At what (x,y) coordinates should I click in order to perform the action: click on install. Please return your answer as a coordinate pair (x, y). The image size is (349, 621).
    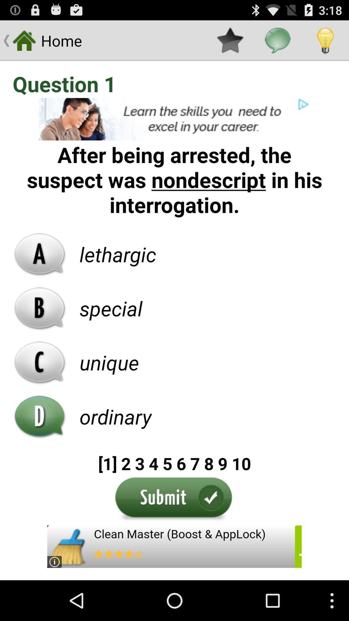
    Looking at the image, I should click on (174, 546).